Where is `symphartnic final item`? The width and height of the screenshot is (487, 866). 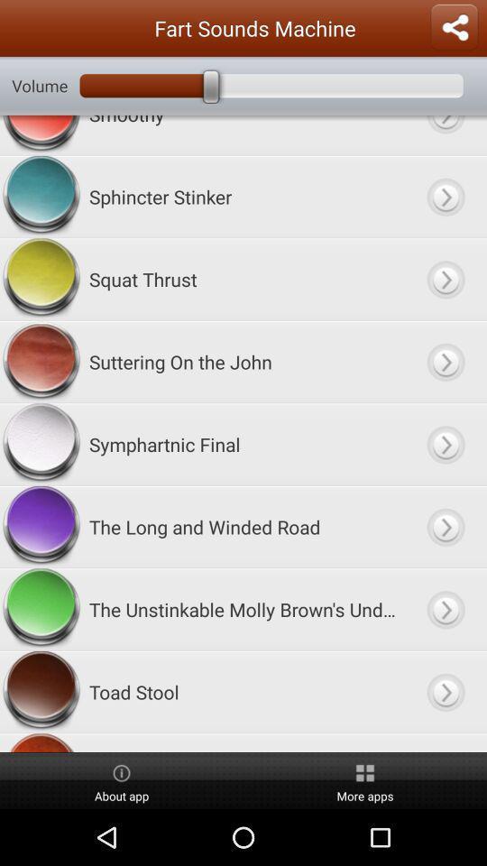
symphartnic final item is located at coordinates (243, 443).